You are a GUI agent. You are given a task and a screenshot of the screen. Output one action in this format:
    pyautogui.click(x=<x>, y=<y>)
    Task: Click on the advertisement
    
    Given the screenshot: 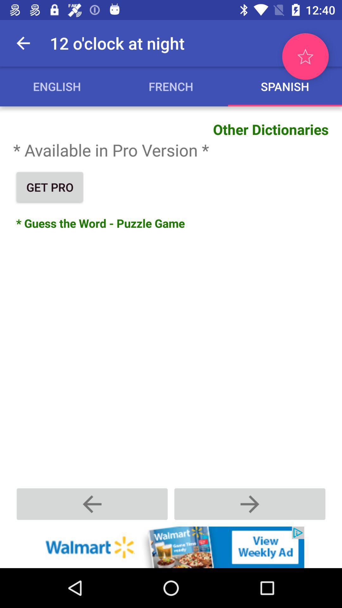 What is the action you would take?
    pyautogui.click(x=171, y=547)
    